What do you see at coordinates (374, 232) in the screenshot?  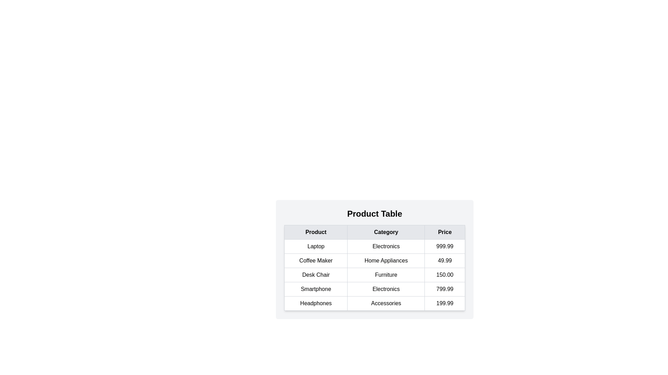 I see `the table header row, which is the top-most row of a centrally positioned table that serves as a header providing column titles` at bounding box center [374, 232].